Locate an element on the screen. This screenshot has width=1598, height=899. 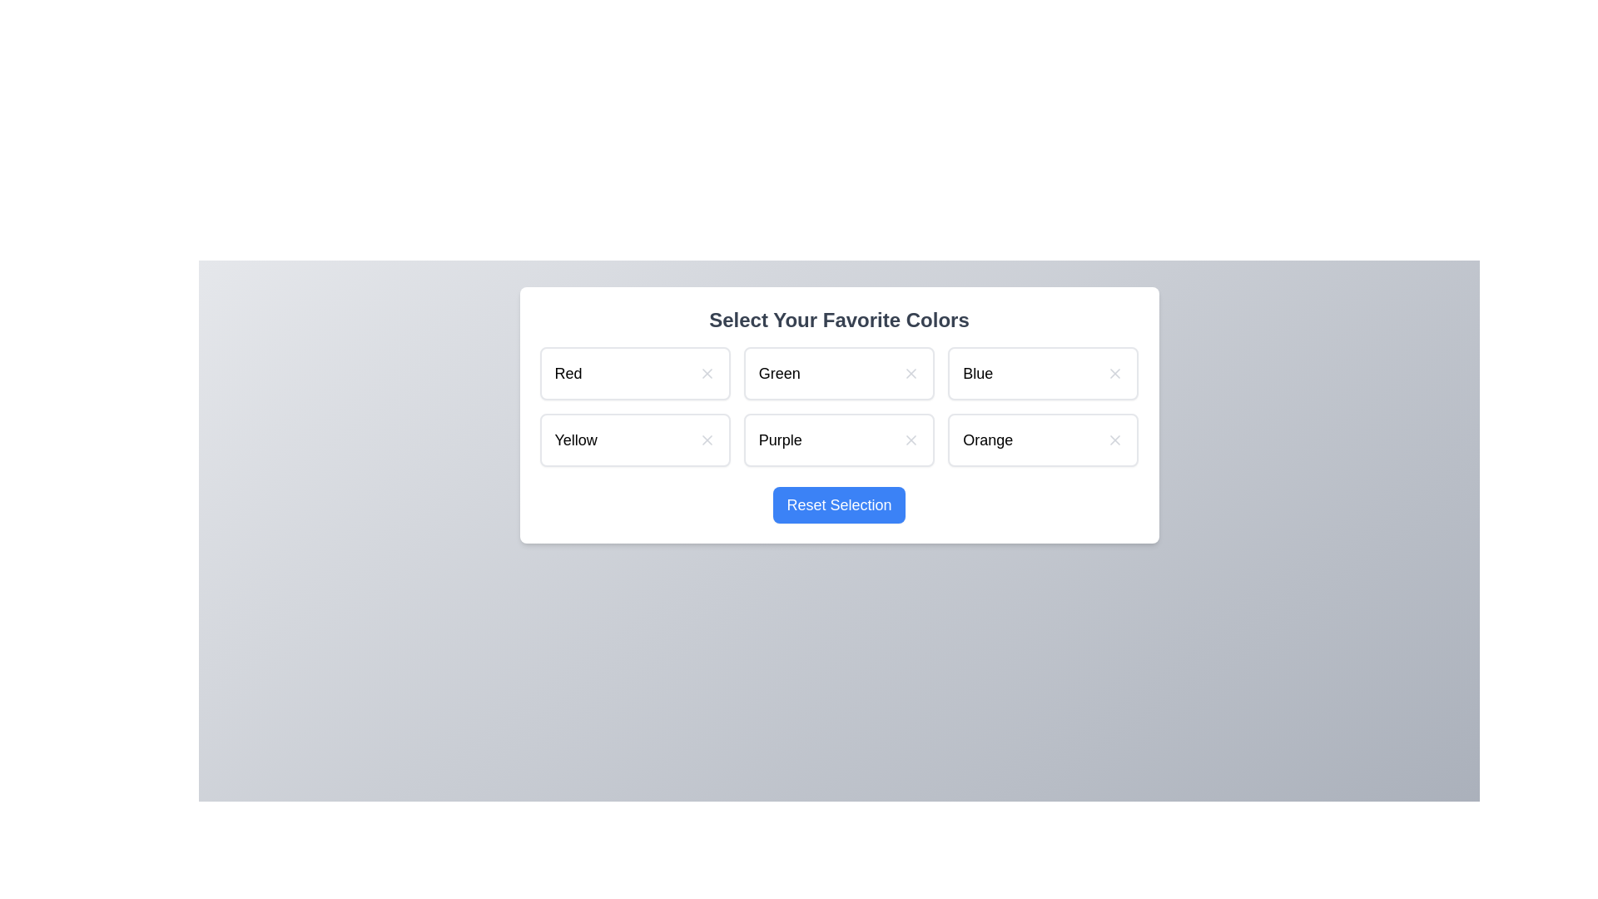
the color Blue is located at coordinates (1042, 372).